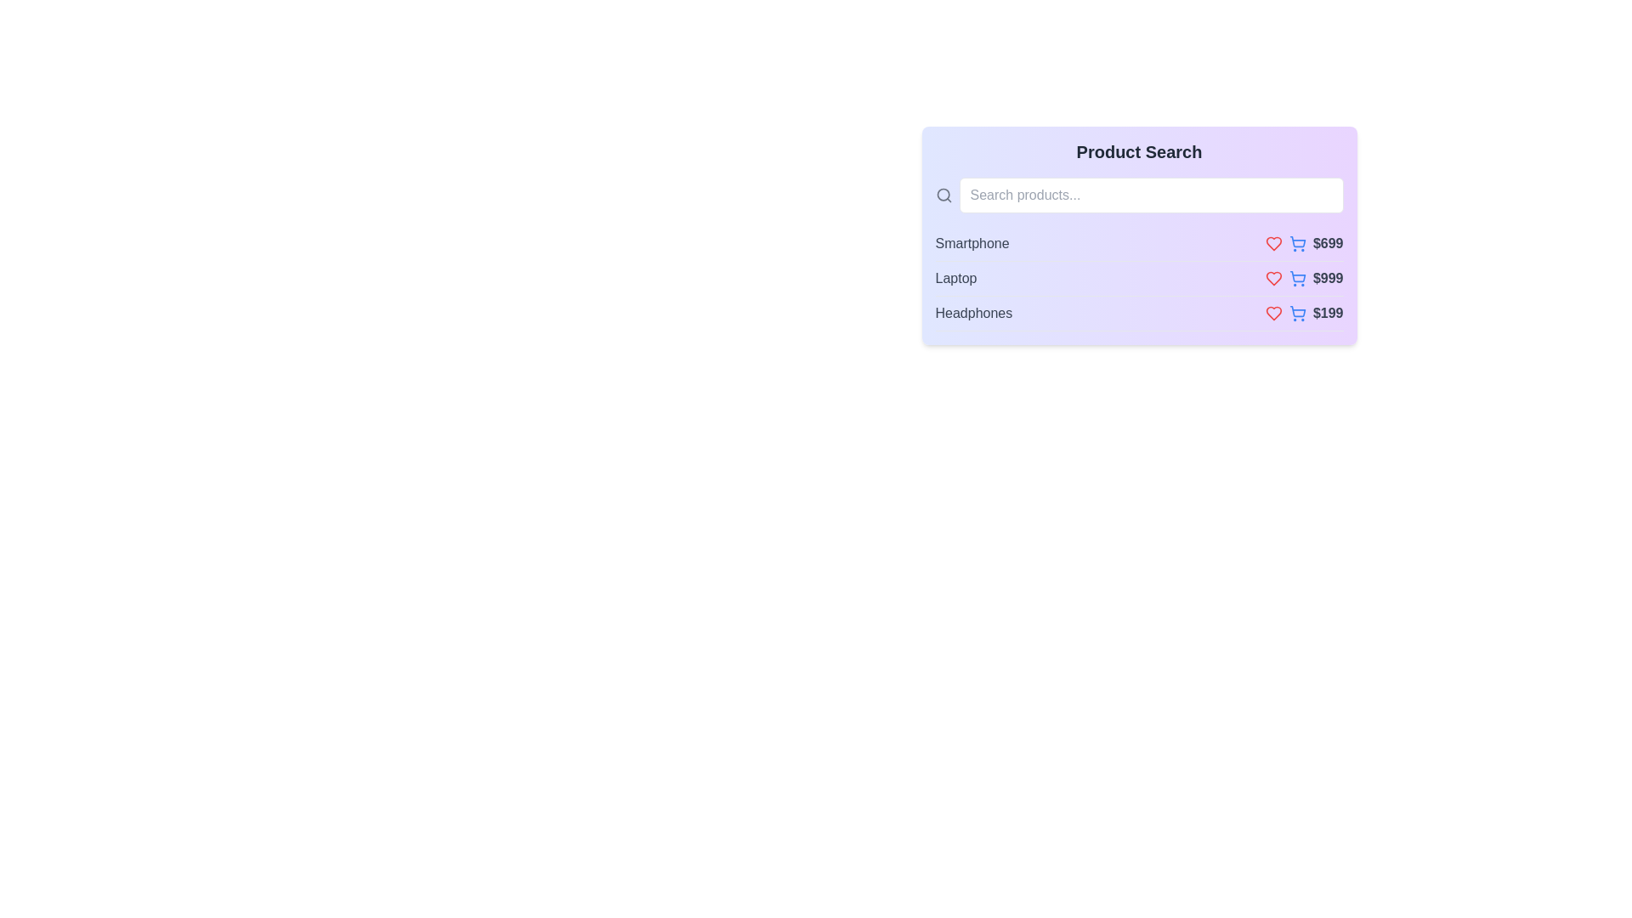 The width and height of the screenshot is (1632, 918). Describe the element at coordinates (1139, 278) in the screenshot. I see `the List item component displaying the products` at that location.